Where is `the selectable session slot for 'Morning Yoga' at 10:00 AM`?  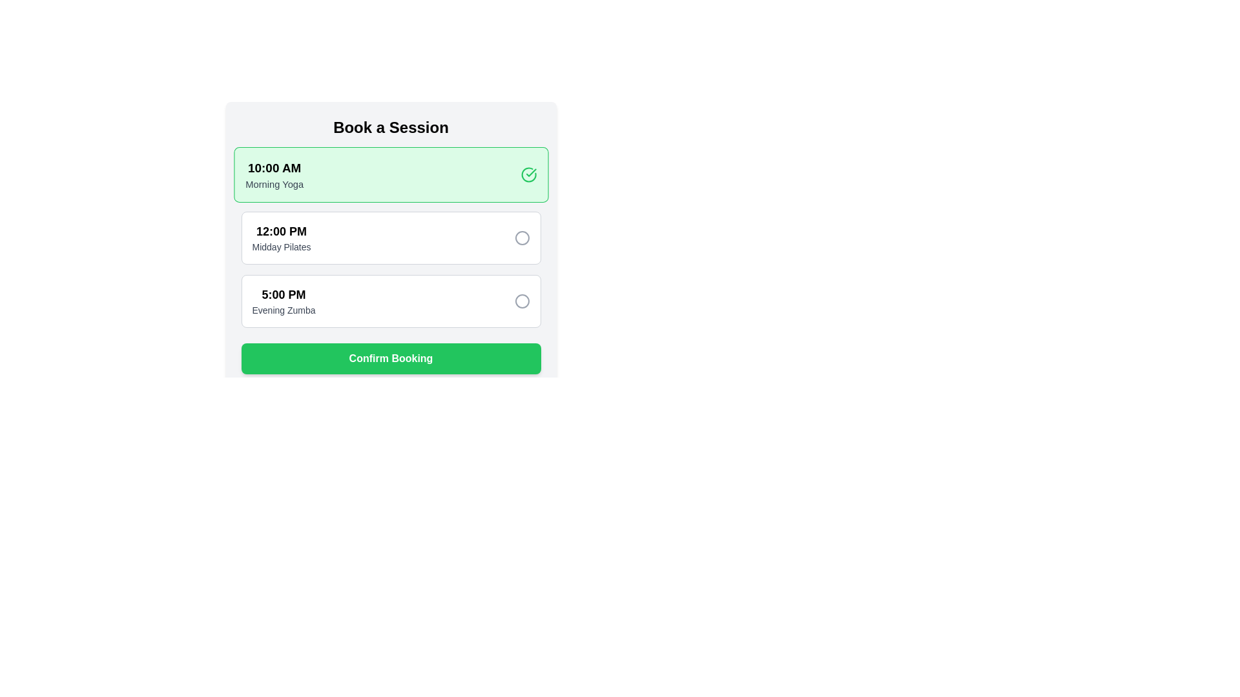
the selectable session slot for 'Morning Yoga' at 10:00 AM is located at coordinates (390, 174).